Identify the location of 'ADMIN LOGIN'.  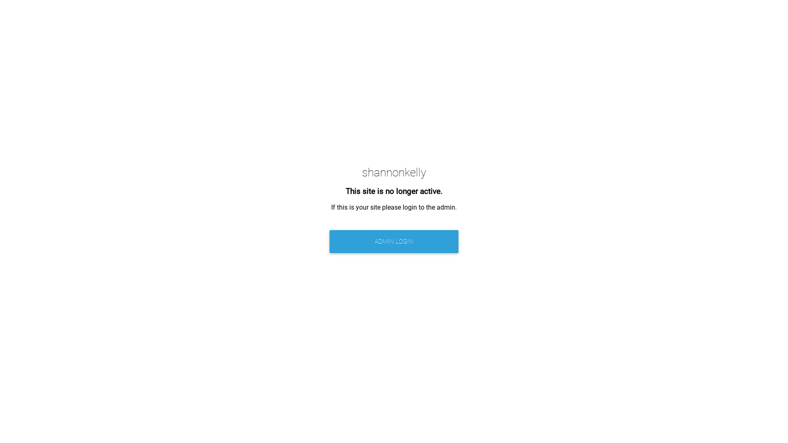
(394, 241).